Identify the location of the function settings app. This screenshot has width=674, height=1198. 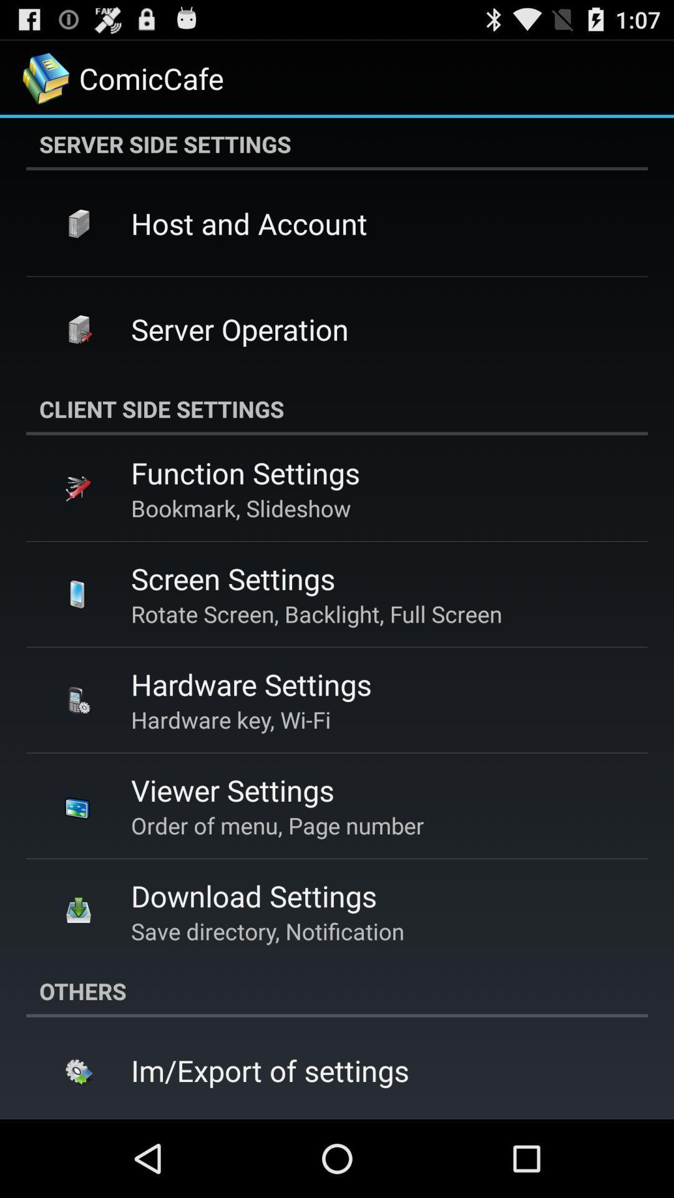
(245, 472).